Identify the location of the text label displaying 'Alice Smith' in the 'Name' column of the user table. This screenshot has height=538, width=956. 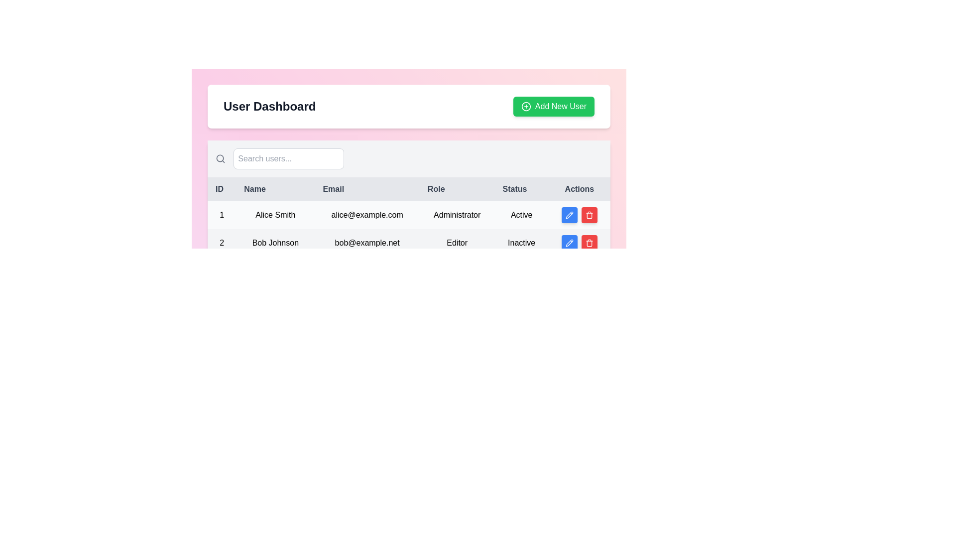
(275, 215).